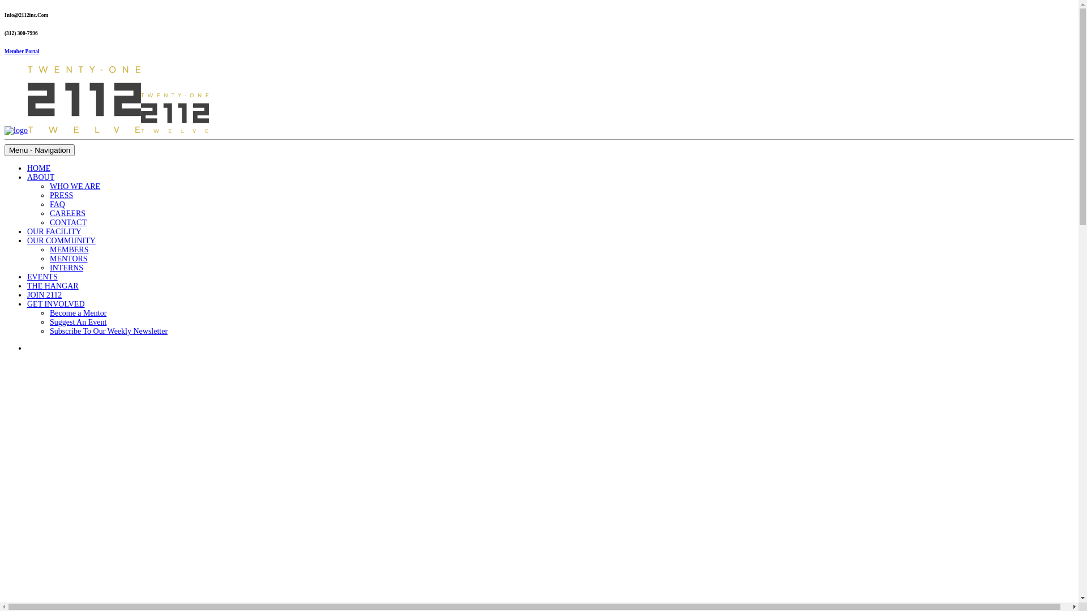  What do you see at coordinates (40, 149) in the screenshot?
I see `'Menu - Navigation'` at bounding box center [40, 149].